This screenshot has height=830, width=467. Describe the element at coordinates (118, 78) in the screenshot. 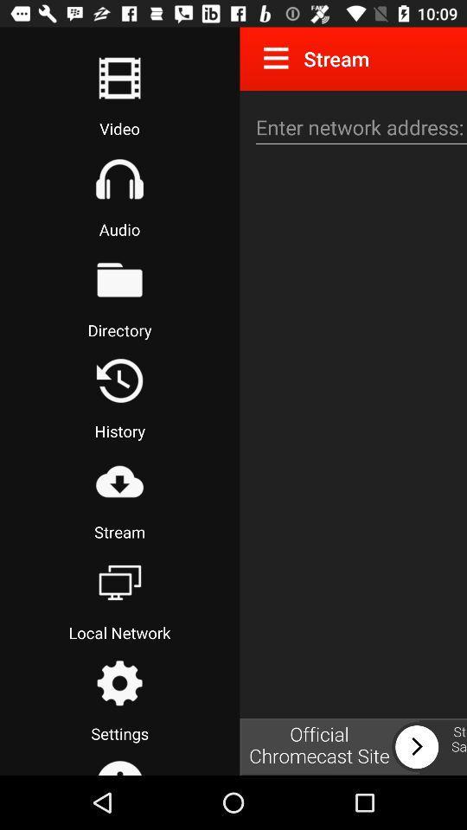

I see `video` at that location.